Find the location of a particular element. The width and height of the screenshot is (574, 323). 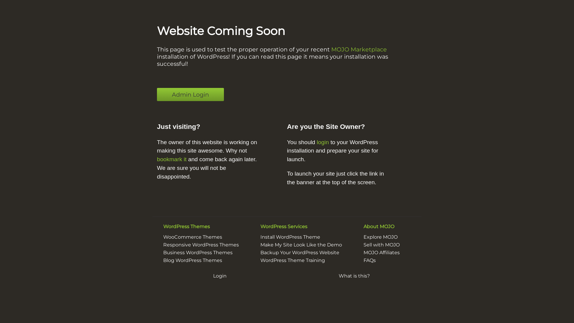

'Admin Login' is located at coordinates (157, 94).